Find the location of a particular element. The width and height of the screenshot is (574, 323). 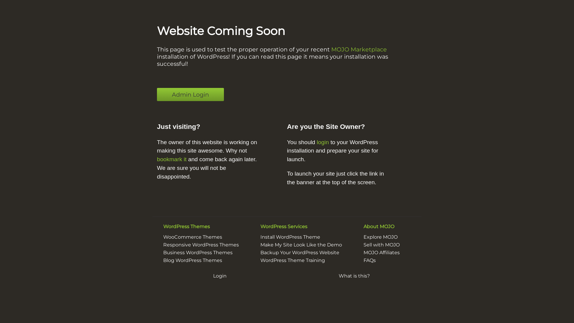

'Admin Login' is located at coordinates (157, 94).